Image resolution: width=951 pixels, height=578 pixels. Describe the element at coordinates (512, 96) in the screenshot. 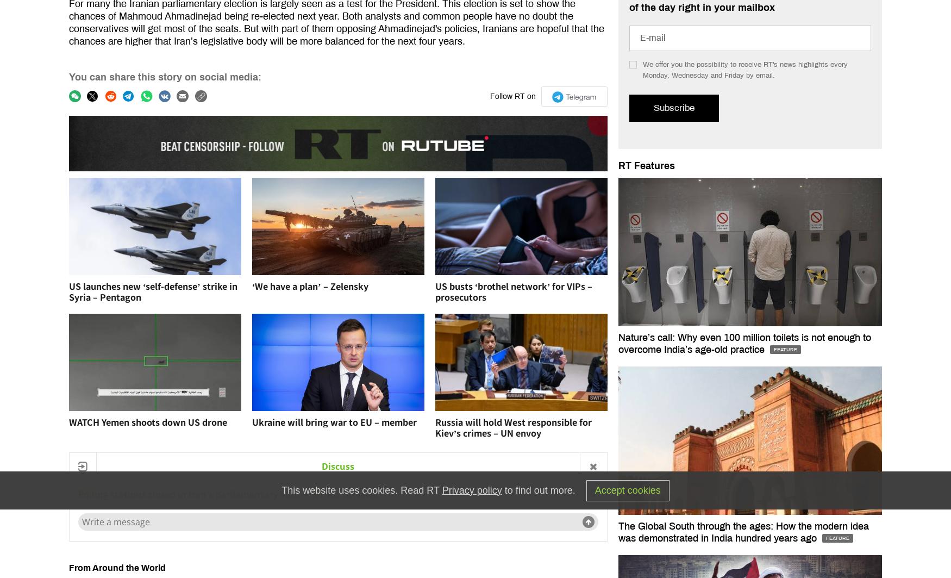

I see `'Follow RT on'` at that location.